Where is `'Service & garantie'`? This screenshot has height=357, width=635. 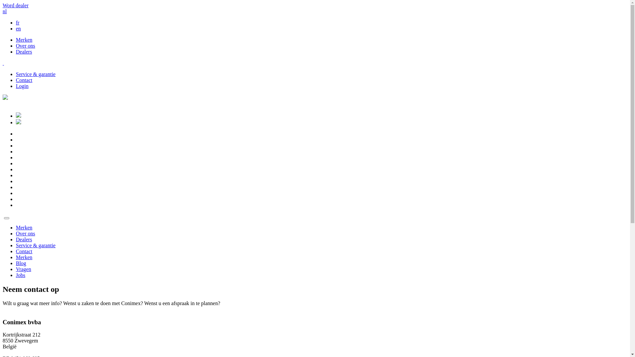
'Service & garantie' is located at coordinates (35, 245).